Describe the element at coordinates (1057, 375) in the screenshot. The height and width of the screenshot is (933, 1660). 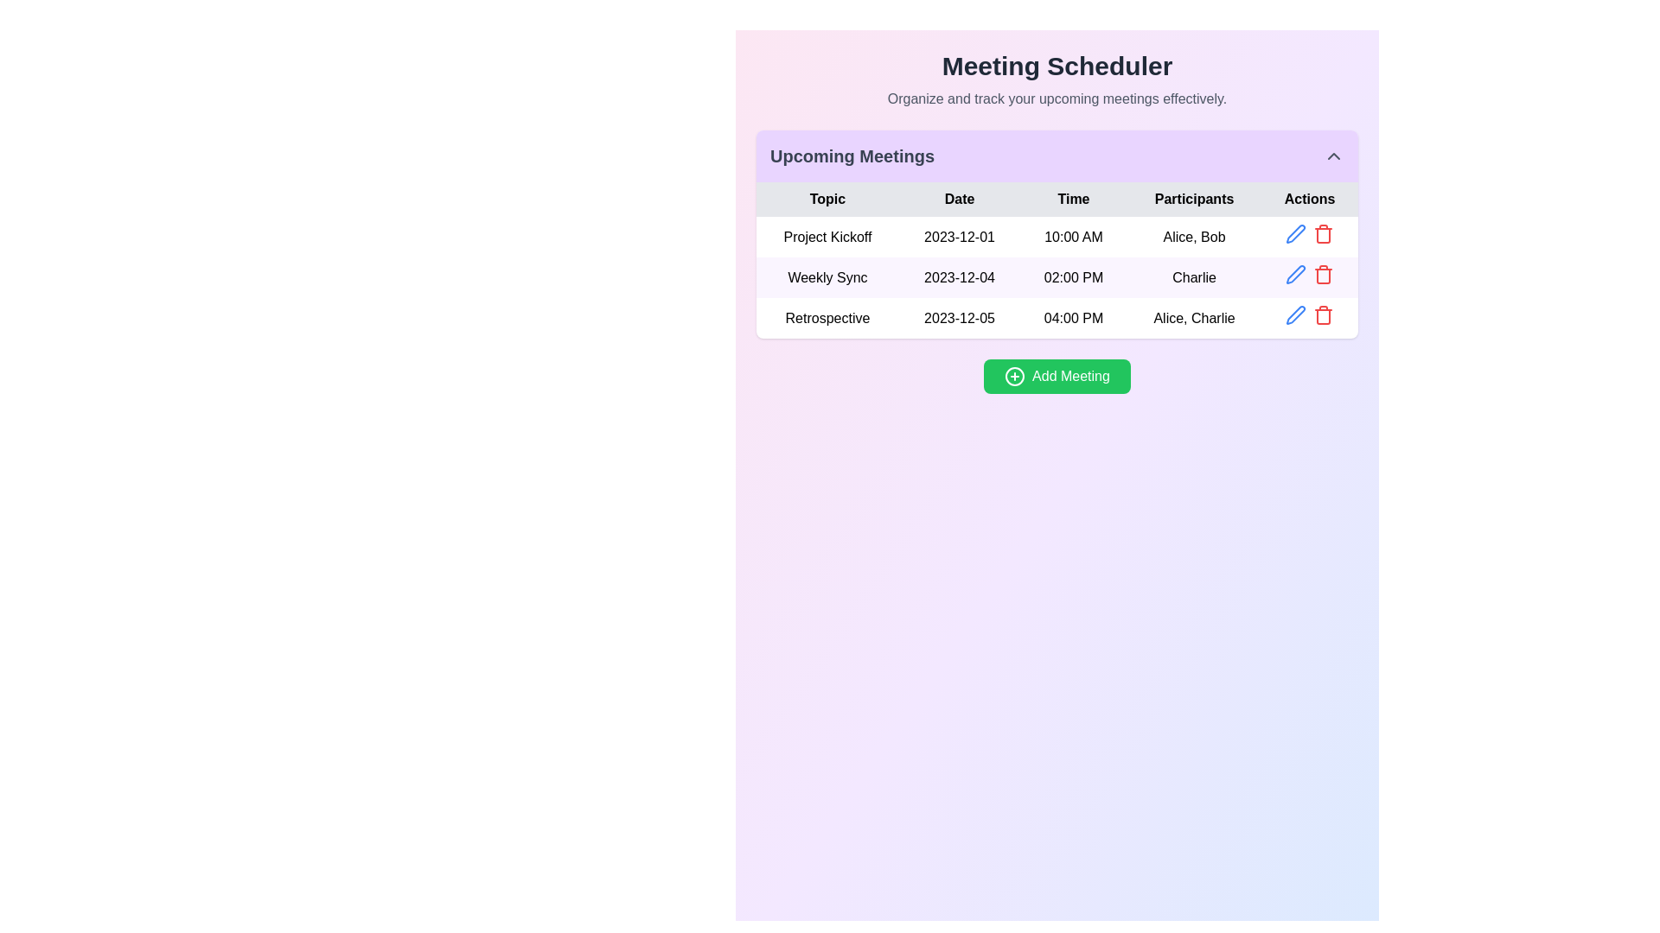
I see `the green 'Add Meeting' button with rounded edges located at the bottom of the 'Meeting Scheduler' interface` at that location.